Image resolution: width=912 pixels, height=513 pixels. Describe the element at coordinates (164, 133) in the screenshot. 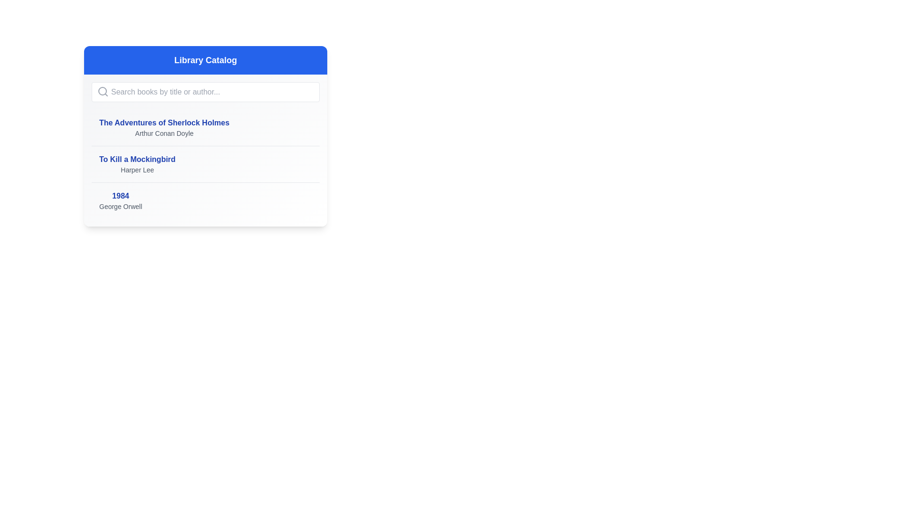

I see `the text label displaying 'Arthur Conan Doyle', which is styled in gray and positioned below the title 'The Adventures of Sherlock Holmes' within the 'Library Catalog' interface` at that location.